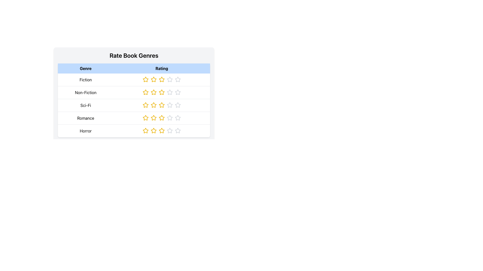  Describe the element at coordinates (86, 80) in the screenshot. I see `the text label indicating the genre 'Fiction' in the first row under the 'Genre' column of the table layout` at that location.